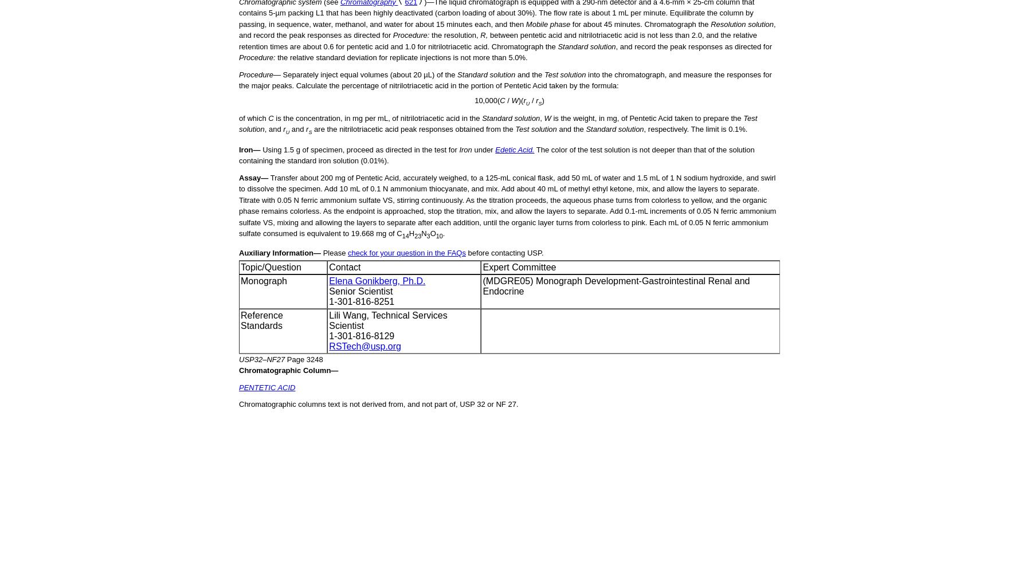 The width and height of the screenshot is (1019, 573). Describe the element at coordinates (259, 74) in the screenshot. I see `'Procedure—'` at that location.